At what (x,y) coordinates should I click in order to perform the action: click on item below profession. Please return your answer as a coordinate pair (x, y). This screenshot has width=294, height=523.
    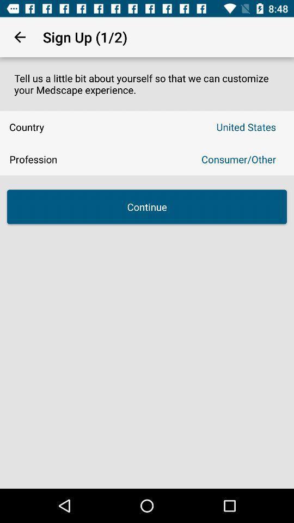
    Looking at the image, I should click on (147, 206).